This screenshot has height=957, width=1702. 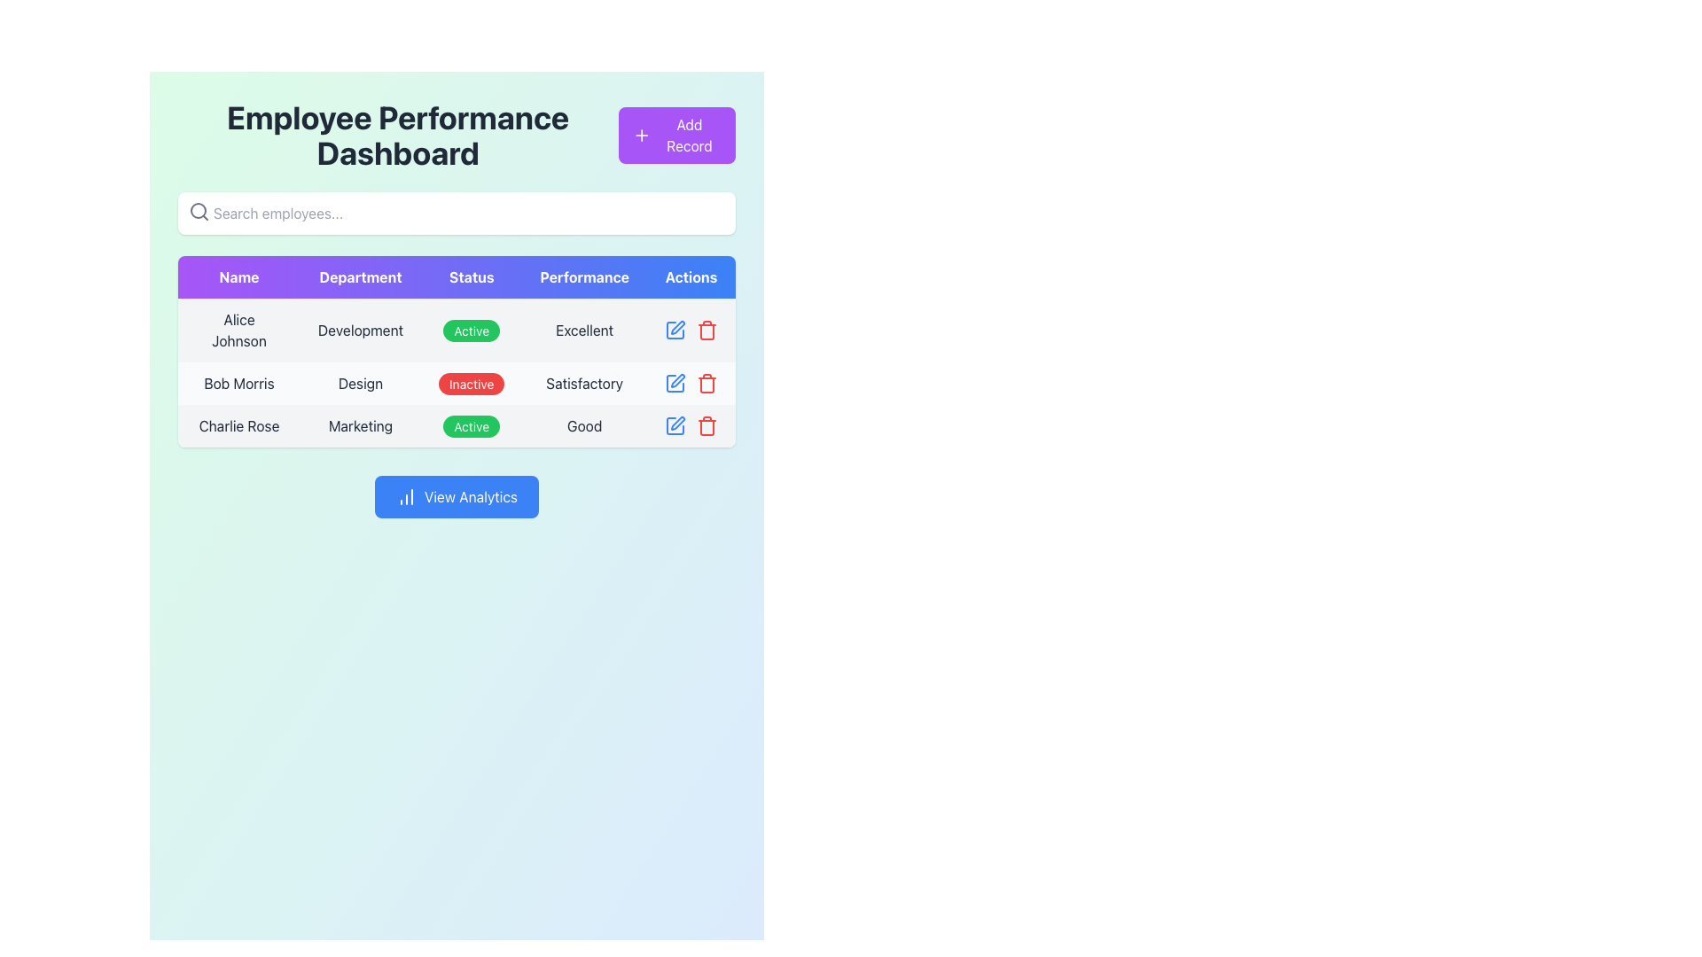 I want to click on the button located in the top-right area of the 'Employee Performance Dashboard', so click(x=675, y=135).